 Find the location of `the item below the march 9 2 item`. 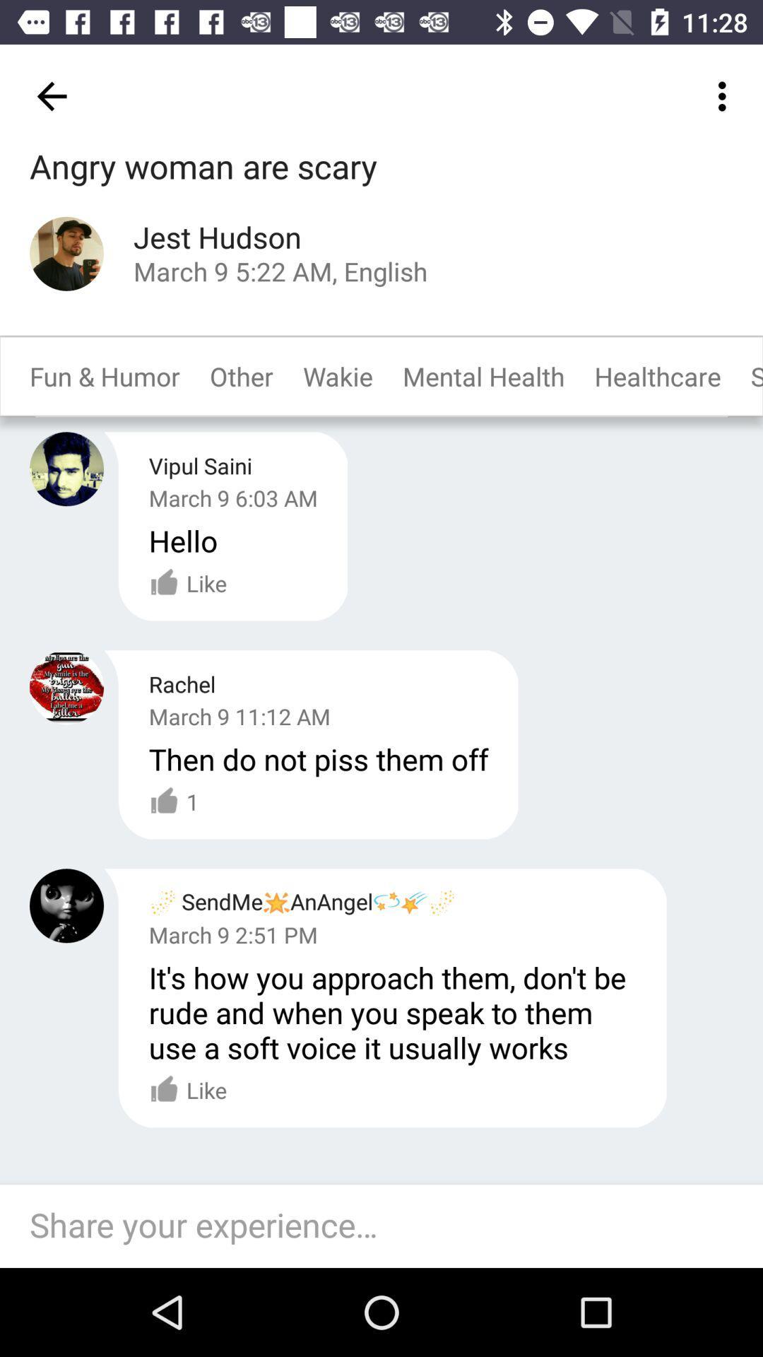

the item below the march 9 2 item is located at coordinates (393, 1011).